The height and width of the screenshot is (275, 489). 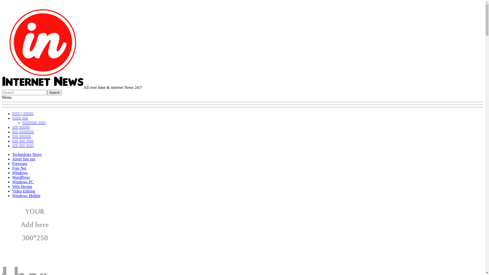 I want to click on 'Search', so click(x=47, y=92).